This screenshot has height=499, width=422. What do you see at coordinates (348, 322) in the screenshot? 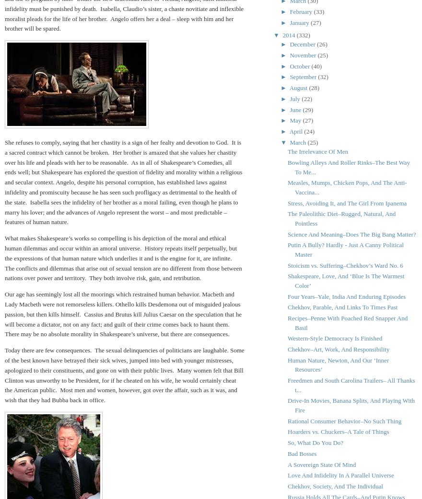
I see `'Recipes–Penne With Poached Red Snapper And Basil'` at bounding box center [348, 322].